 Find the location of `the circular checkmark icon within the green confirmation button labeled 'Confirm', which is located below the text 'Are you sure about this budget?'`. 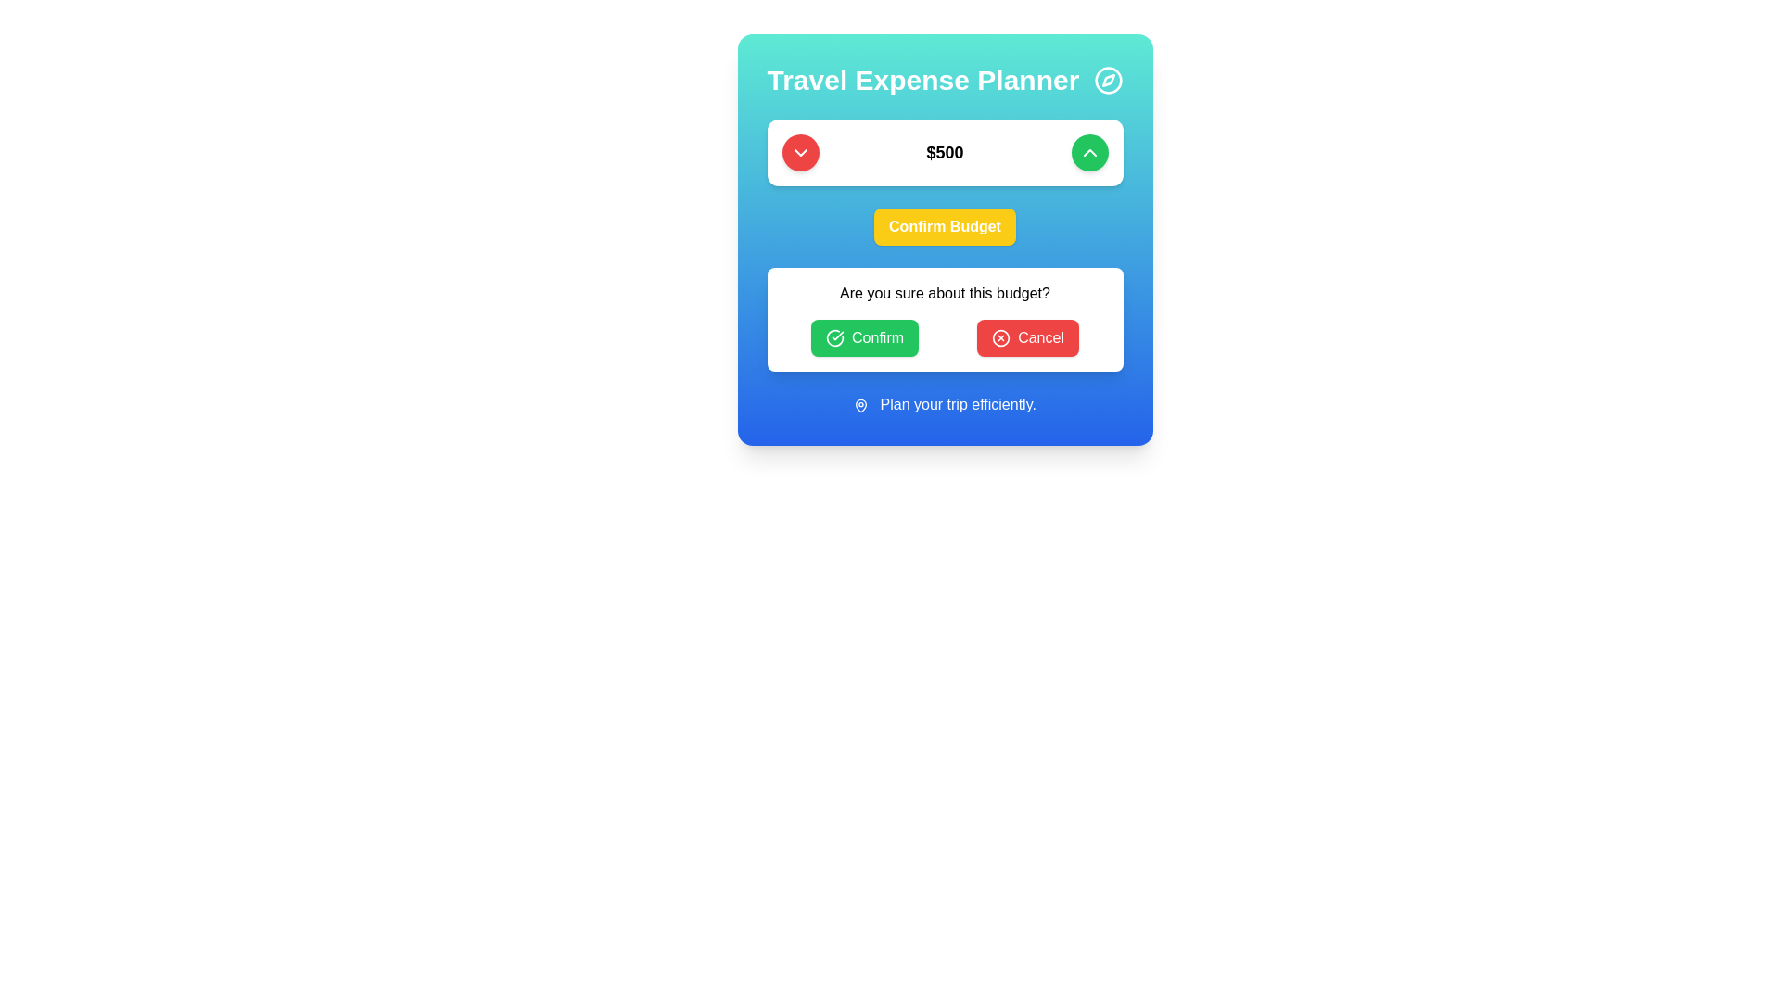

the circular checkmark icon within the green confirmation button labeled 'Confirm', which is located below the text 'Are you sure about this budget?' is located at coordinates (834, 338).